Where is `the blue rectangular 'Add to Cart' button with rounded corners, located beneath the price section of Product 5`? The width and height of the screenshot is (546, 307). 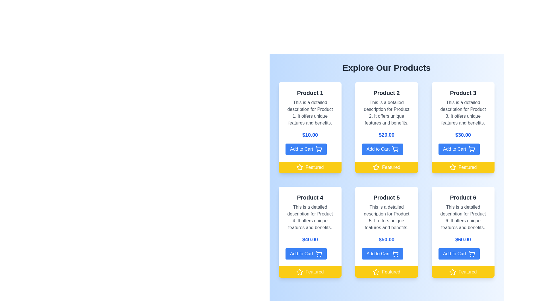
the blue rectangular 'Add to Cart' button with rounded corners, located beneath the price section of Product 5 is located at coordinates (382, 254).